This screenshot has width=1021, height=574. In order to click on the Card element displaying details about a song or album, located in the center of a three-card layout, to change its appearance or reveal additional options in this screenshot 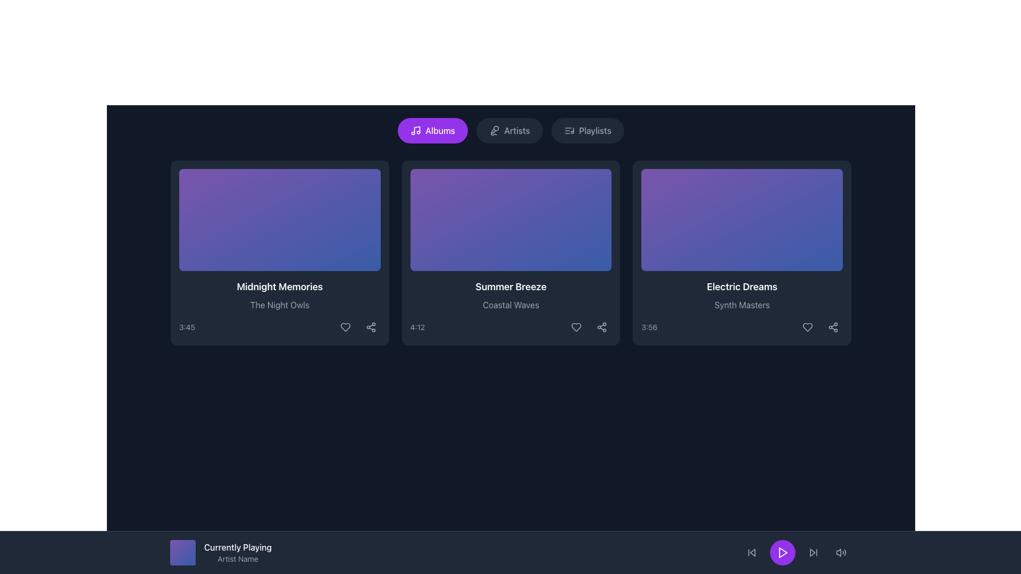, I will do `click(510, 252)`.